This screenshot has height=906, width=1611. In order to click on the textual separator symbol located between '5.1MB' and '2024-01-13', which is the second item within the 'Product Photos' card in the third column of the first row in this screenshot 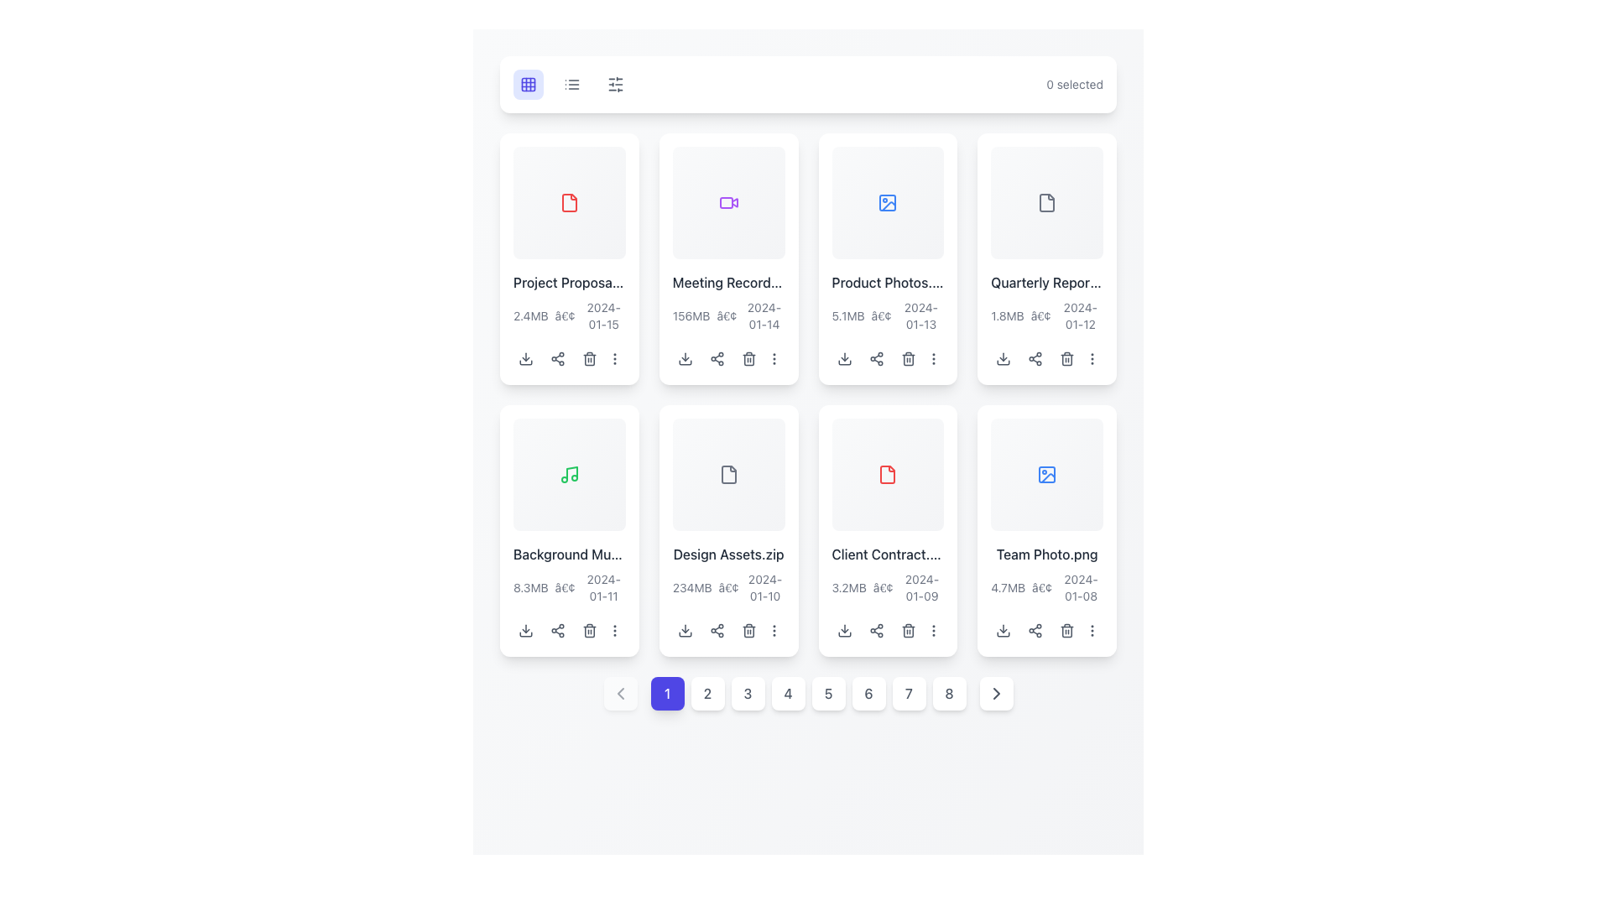, I will do `click(880, 315)`.